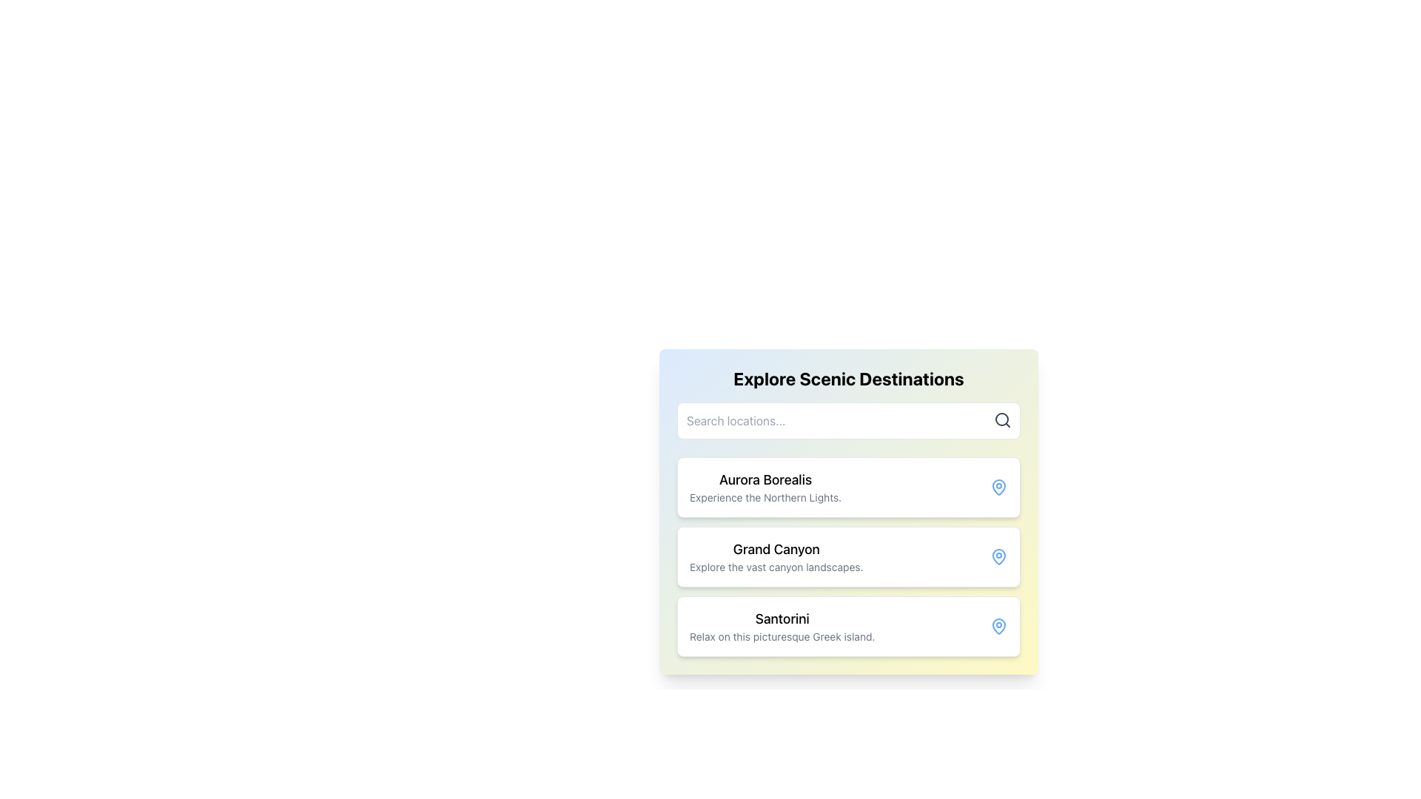 The width and height of the screenshot is (1421, 799). I want to click on the location marker icon on the right side of the 'Santorini' row, so click(998, 627).